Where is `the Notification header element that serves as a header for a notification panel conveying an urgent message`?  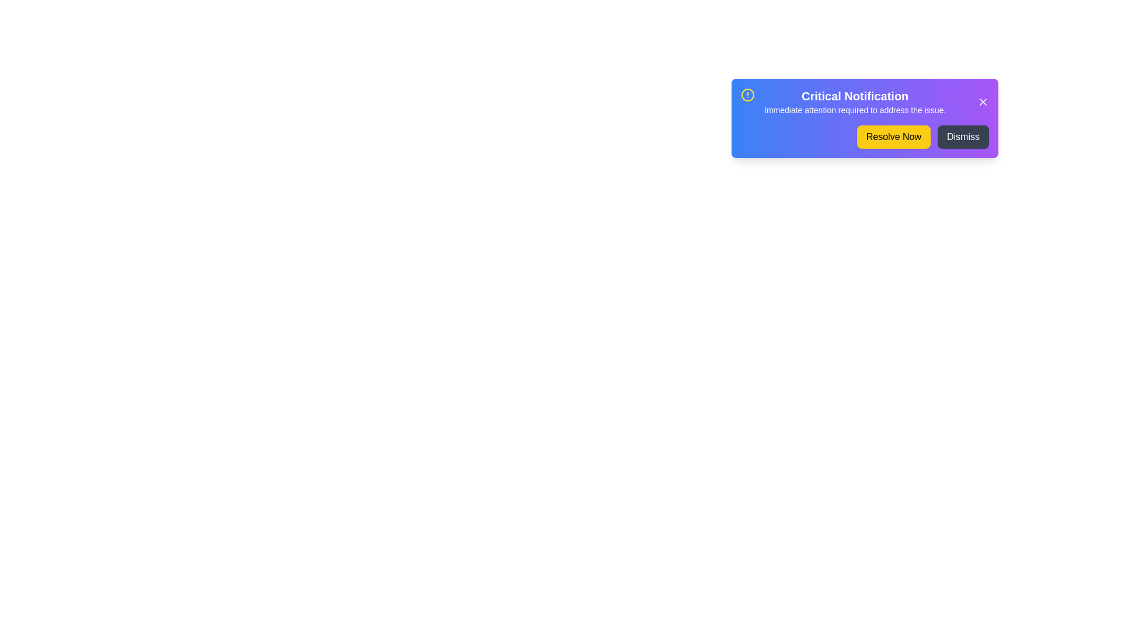
the Notification header element that serves as a header for a notification panel conveying an urgent message is located at coordinates (865, 101).